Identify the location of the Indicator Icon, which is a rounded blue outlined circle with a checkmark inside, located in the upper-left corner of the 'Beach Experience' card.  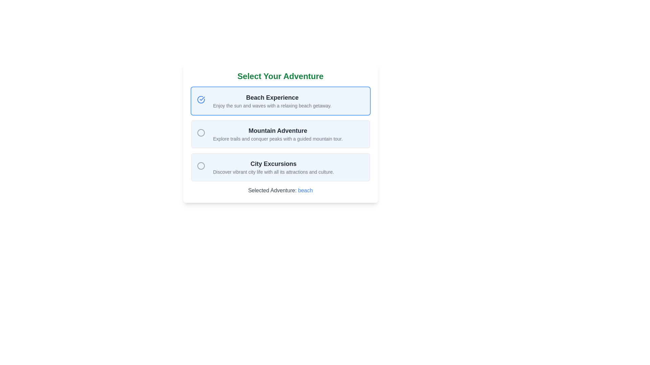
(202, 101).